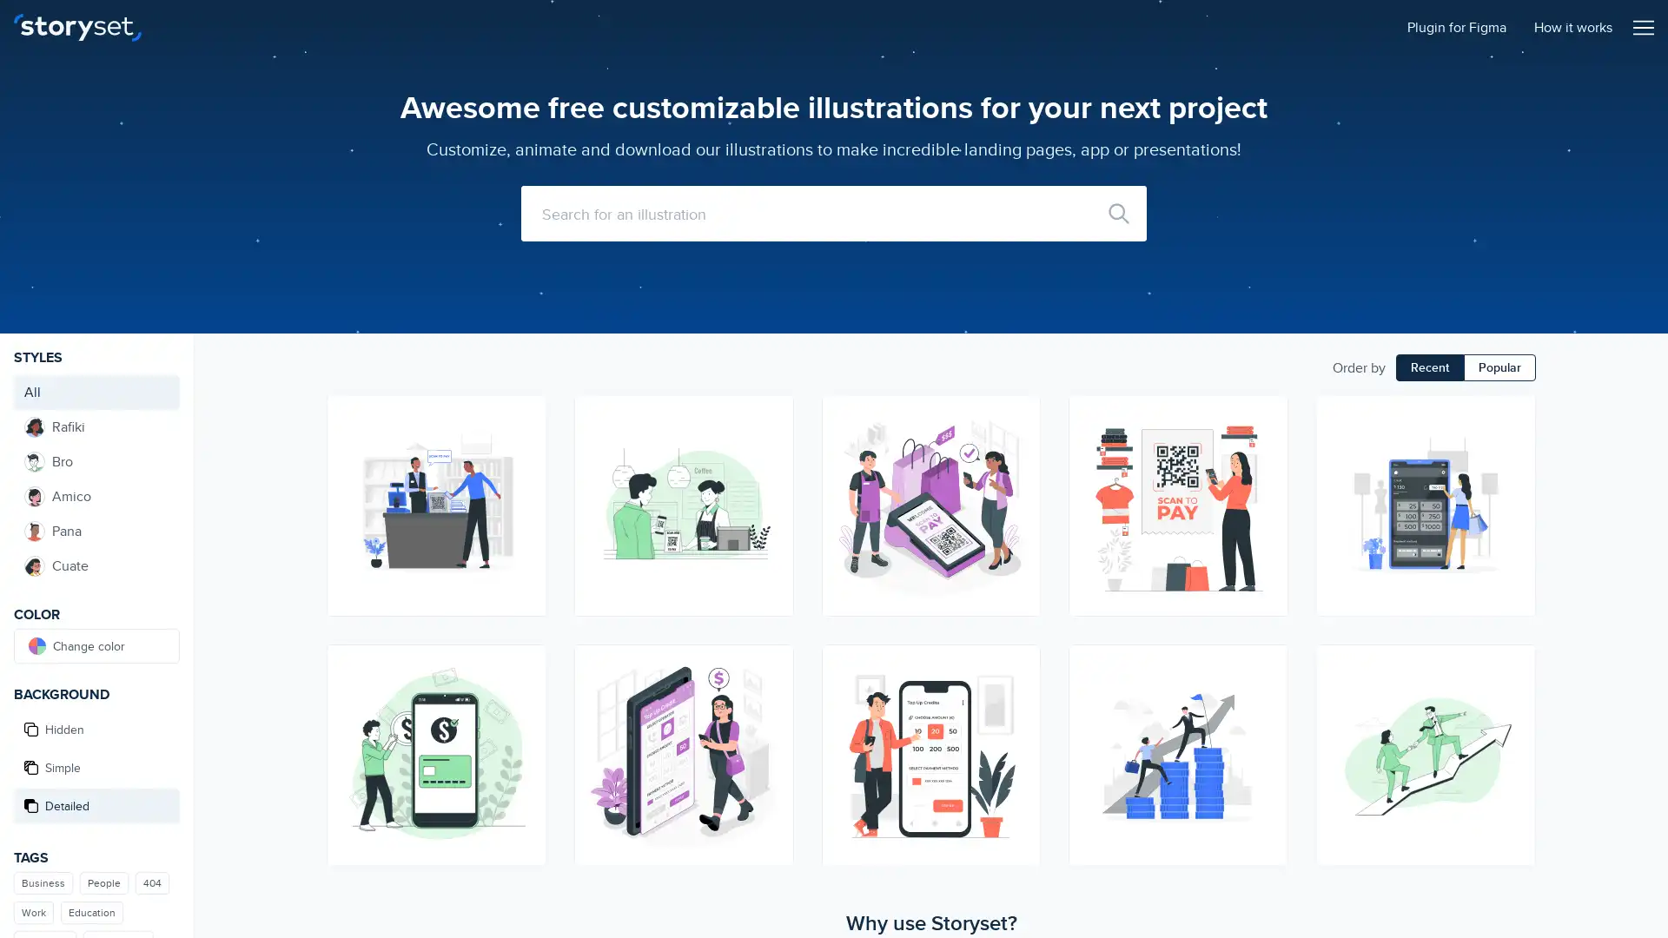  What do you see at coordinates (1018, 727) in the screenshot?
I see `Pinterest icon Save` at bounding box center [1018, 727].